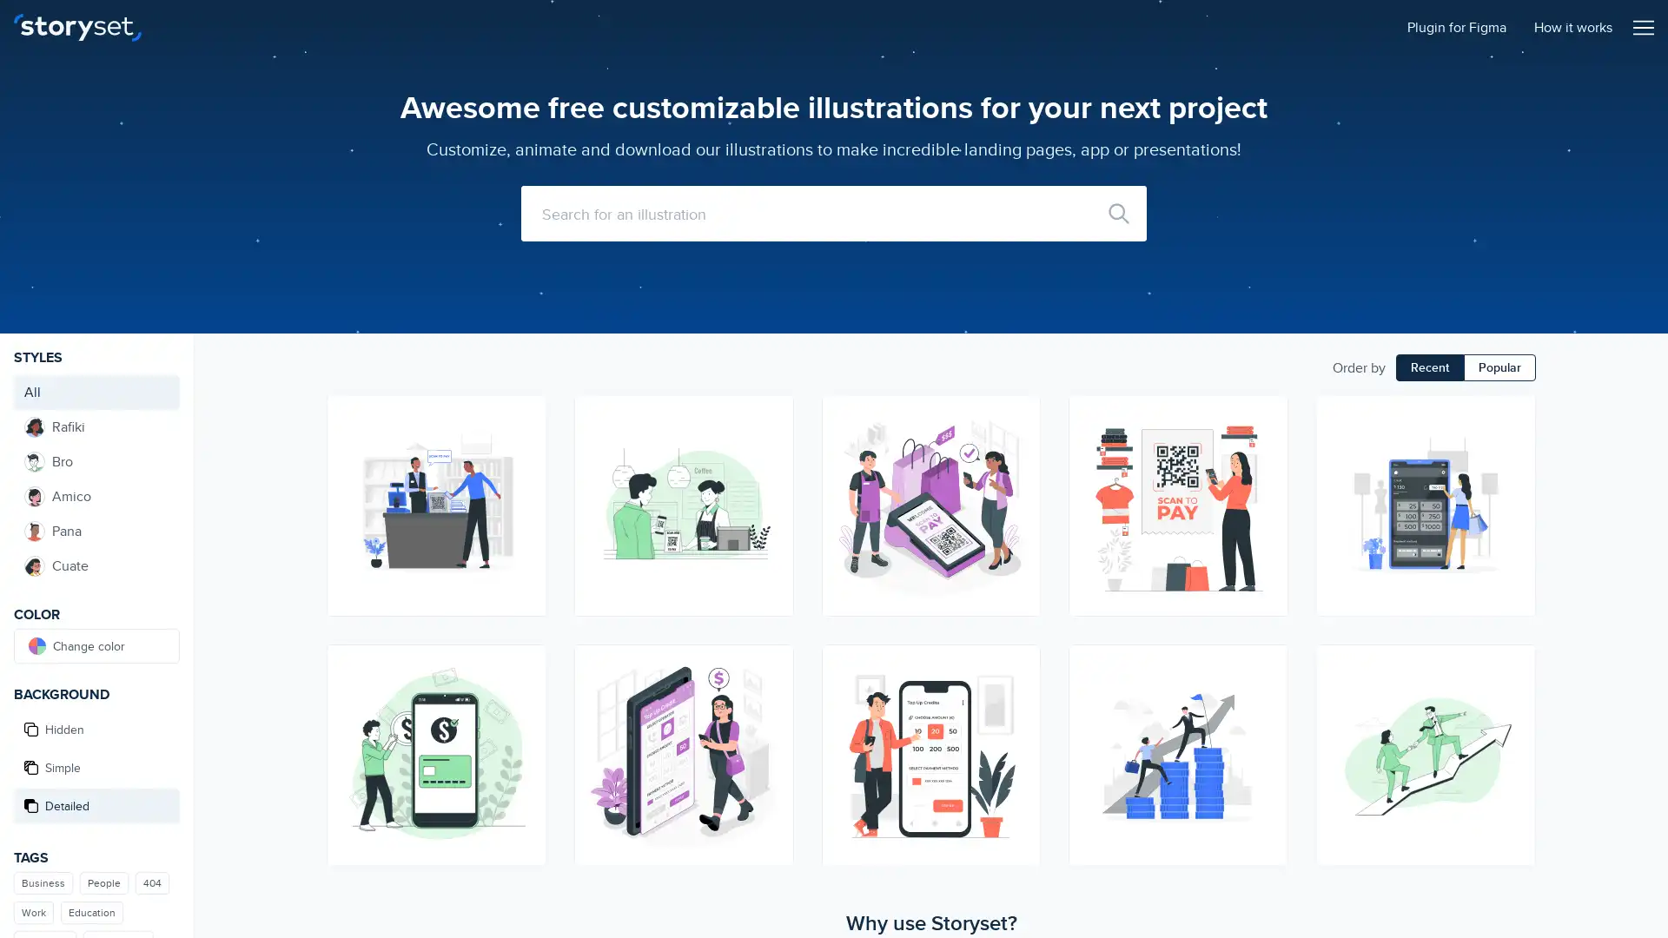  What do you see at coordinates (1018, 727) in the screenshot?
I see `Pinterest icon Save` at bounding box center [1018, 727].